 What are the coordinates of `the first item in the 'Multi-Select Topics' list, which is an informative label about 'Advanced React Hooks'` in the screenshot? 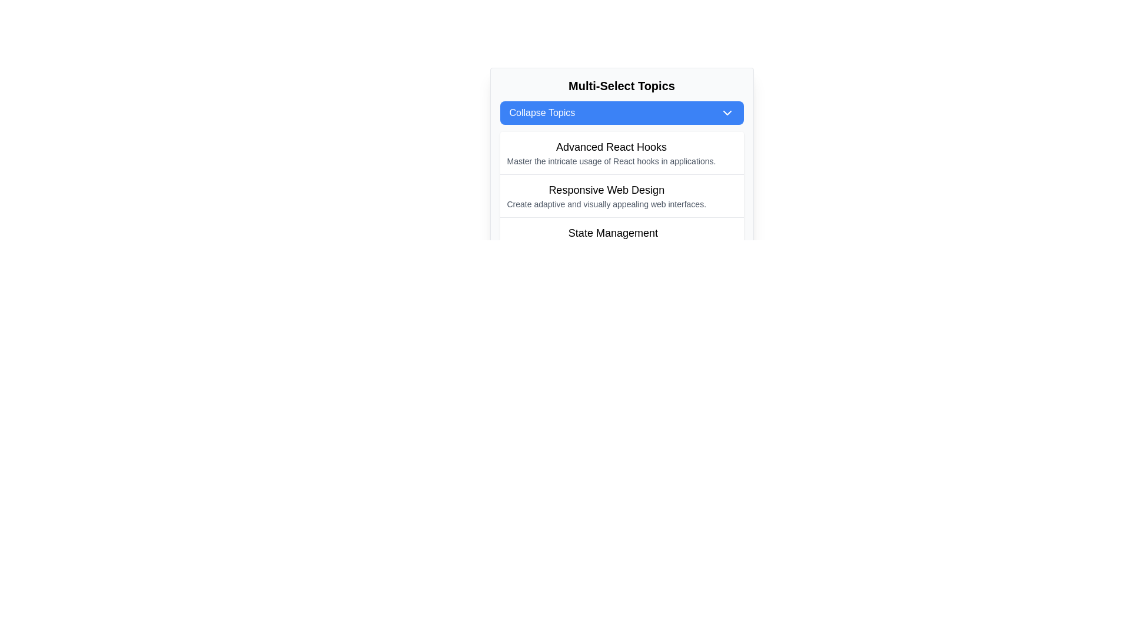 It's located at (621, 153).